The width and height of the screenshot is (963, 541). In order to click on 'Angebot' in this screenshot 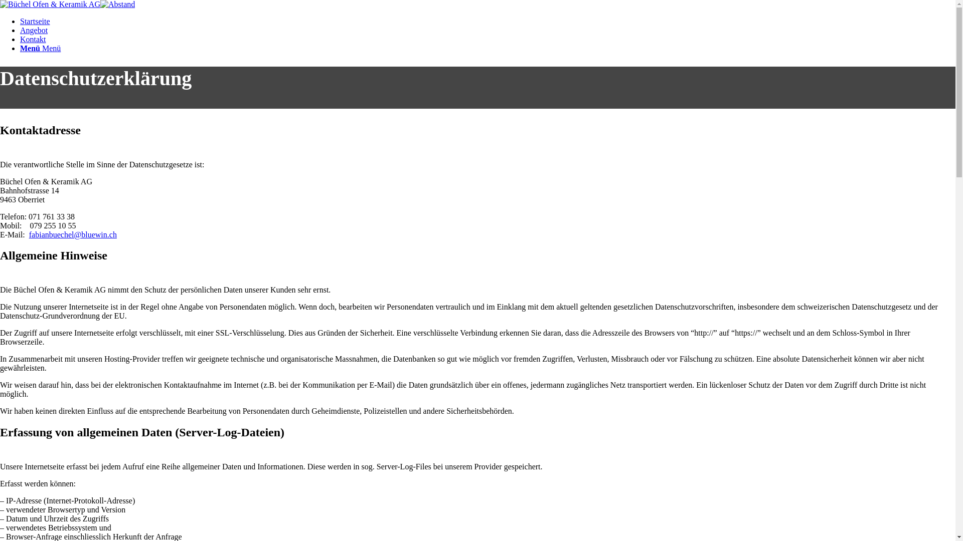, I will do `click(34, 30)`.